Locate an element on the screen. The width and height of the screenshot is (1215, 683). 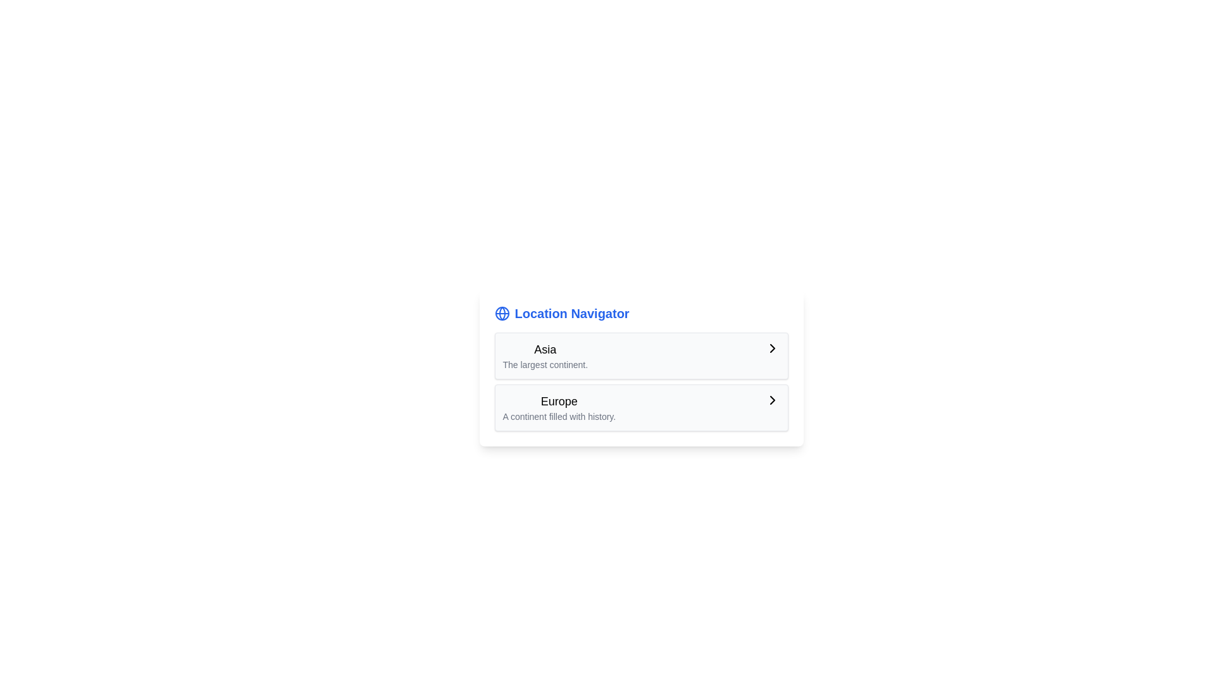
the list item titled 'Asia' which has a bold title and a subtitle is located at coordinates (545, 356).